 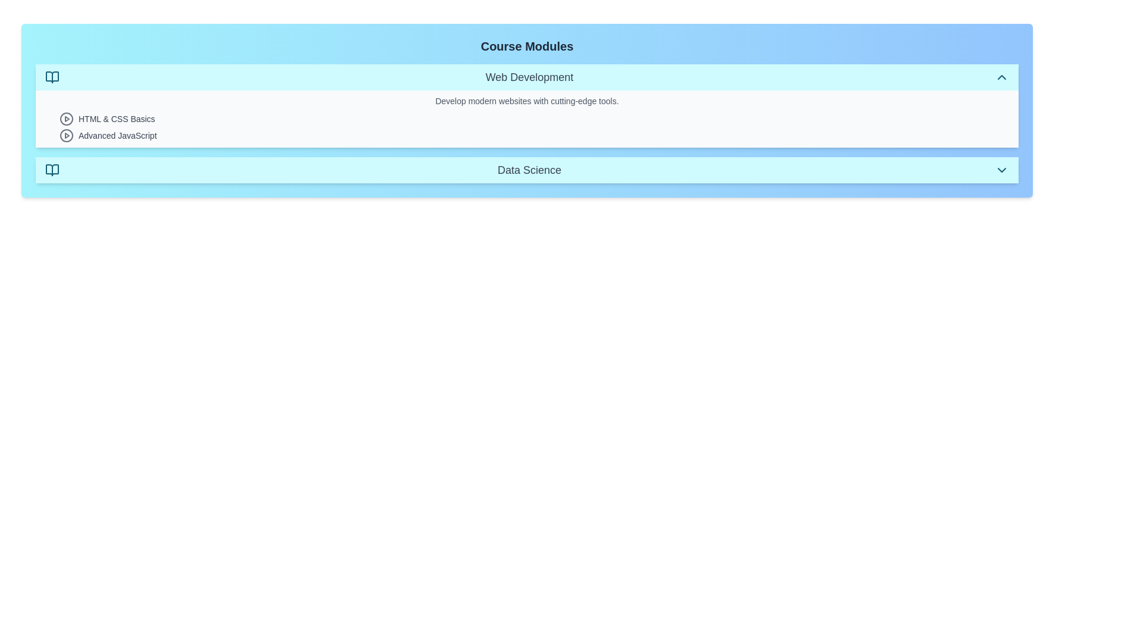 I want to click on the cyan open book icon located in the header of the 'Web Development' section, positioned to the far left before the section title, so click(x=51, y=77).